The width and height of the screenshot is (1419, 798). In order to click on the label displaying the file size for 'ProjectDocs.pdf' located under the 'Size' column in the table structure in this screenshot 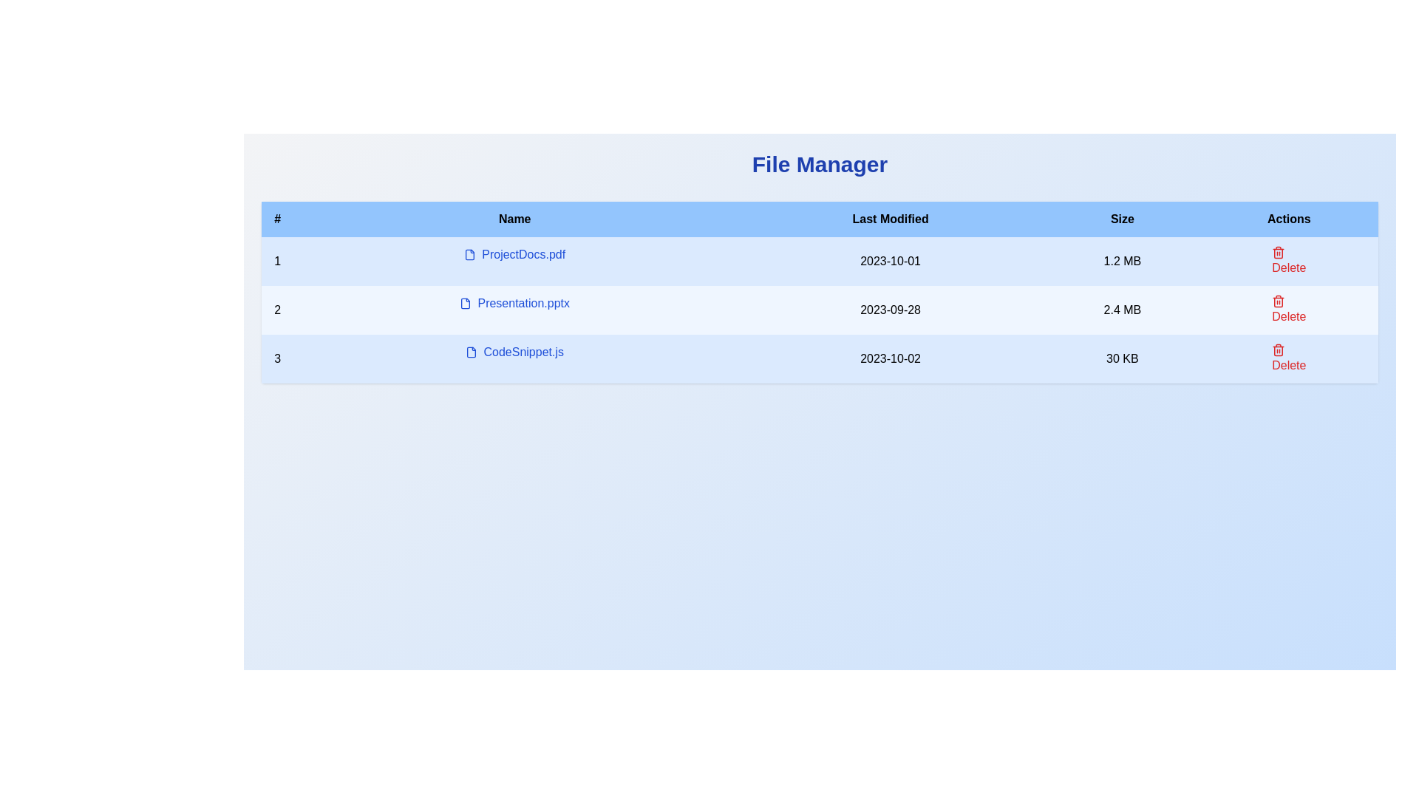, I will do `click(1122, 261)`.